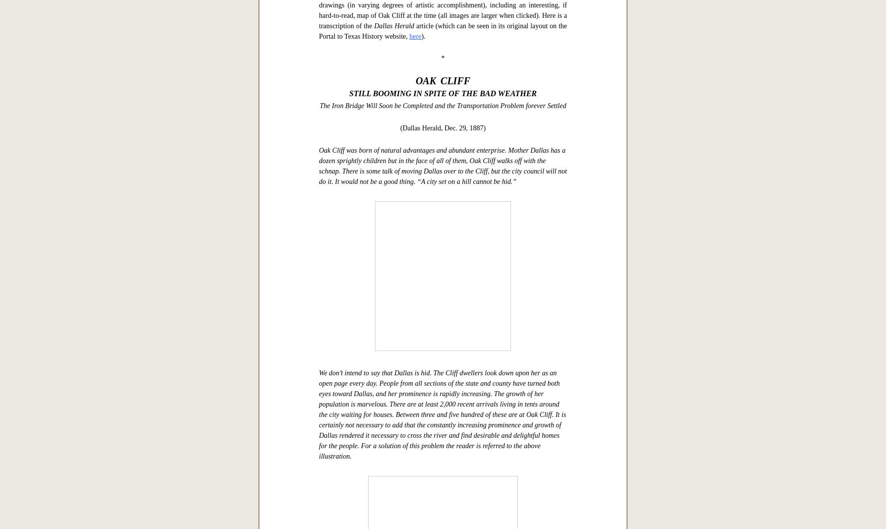 This screenshot has height=529, width=886. I want to click on 'The Dallas Herald', so click(375, 263).